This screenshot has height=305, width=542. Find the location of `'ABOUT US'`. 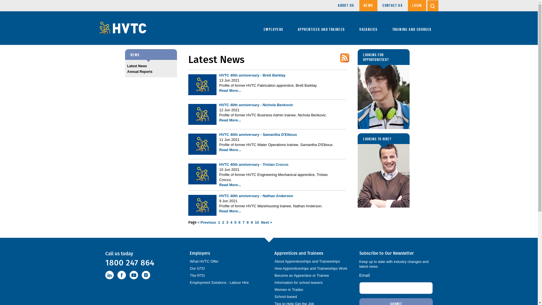

'ABOUT US' is located at coordinates (346, 5).